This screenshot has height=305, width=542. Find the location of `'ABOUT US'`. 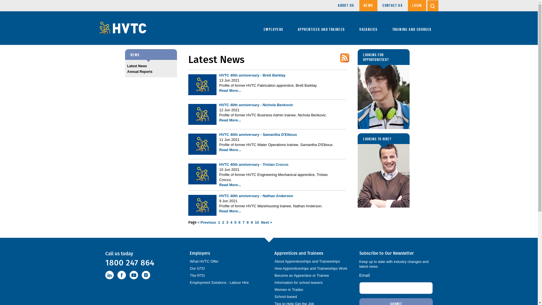

'ABOUT US' is located at coordinates (346, 5).